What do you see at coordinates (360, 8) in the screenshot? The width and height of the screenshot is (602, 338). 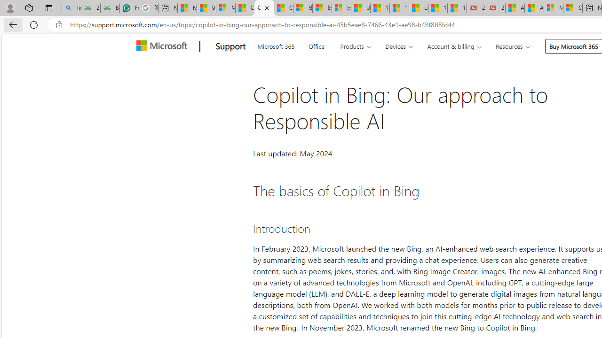 I see `'USA TODAY - MSN'` at bounding box center [360, 8].